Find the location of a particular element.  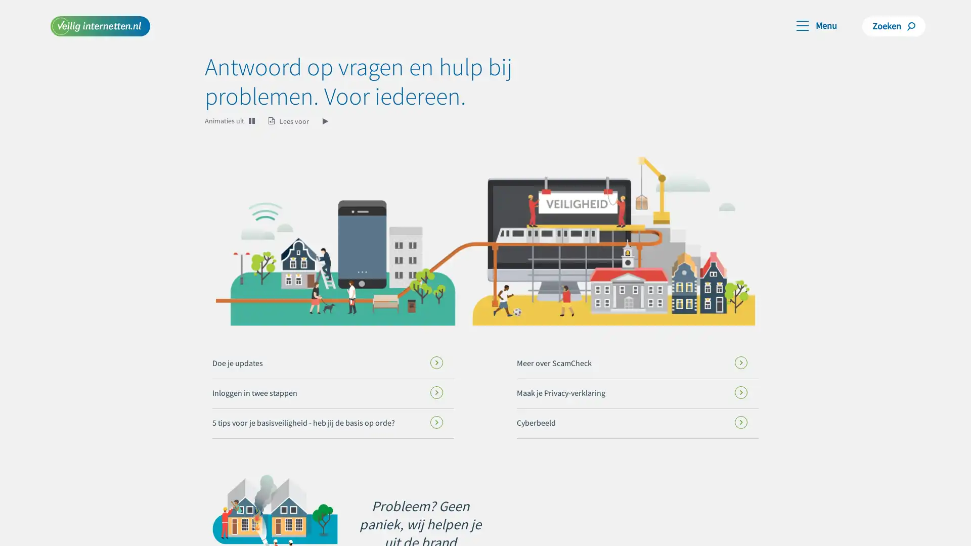

Toggle navigation Menu is located at coordinates (816, 24).